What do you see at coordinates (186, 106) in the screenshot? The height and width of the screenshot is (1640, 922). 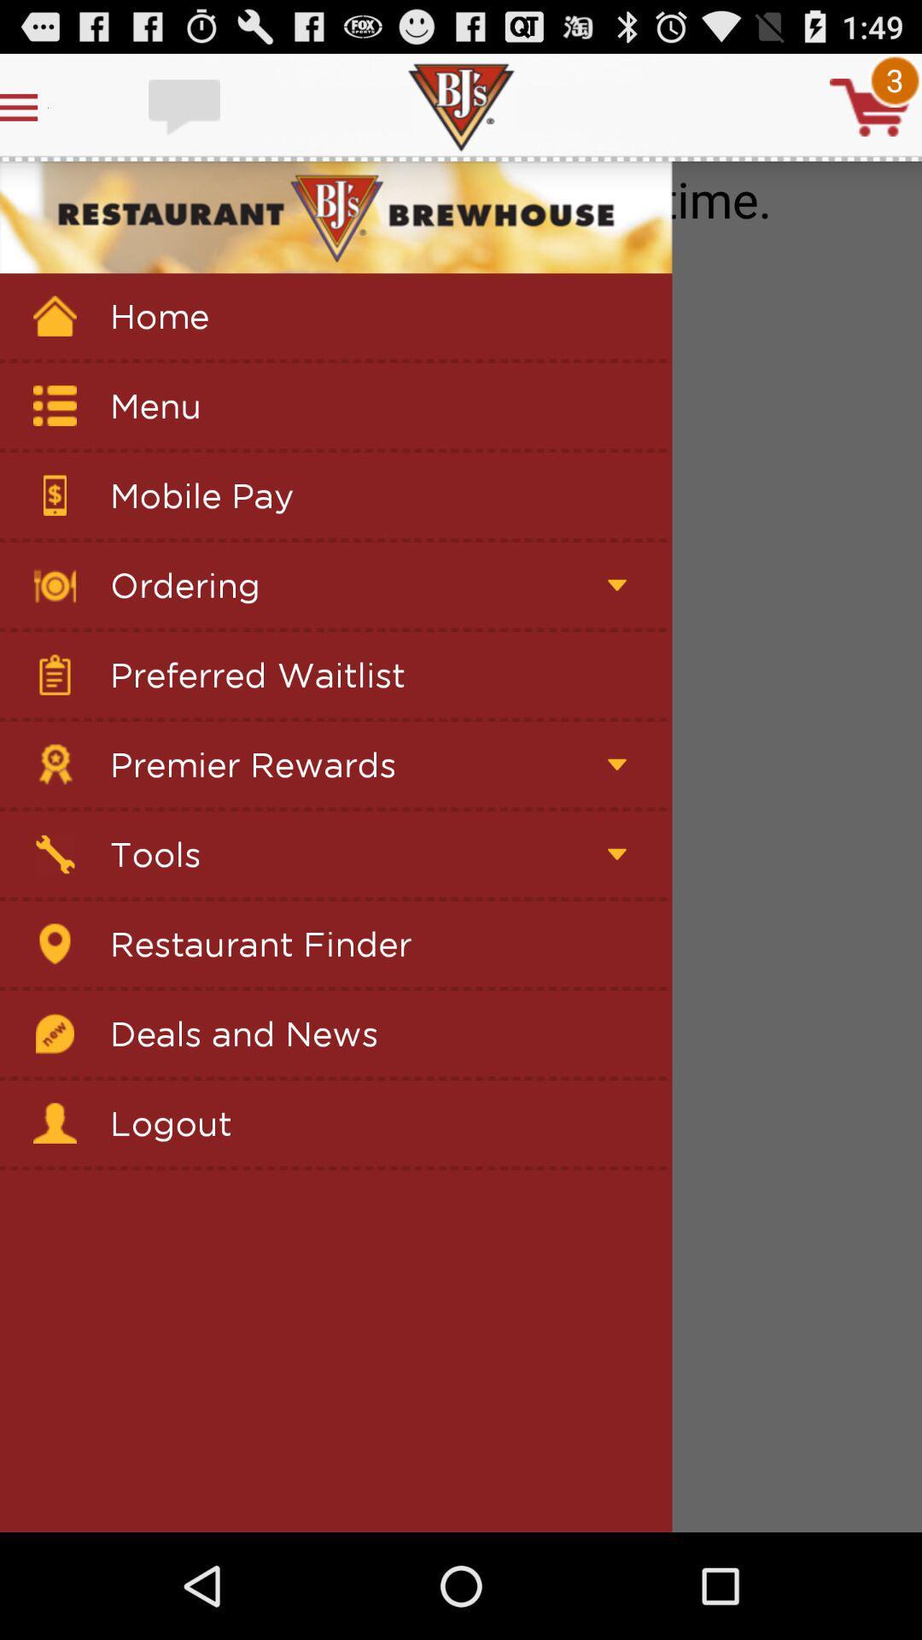 I see `write comment` at bounding box center [186, 106].